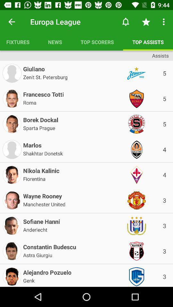 The image size is (173, 307). I want to click on the item next to top assists, so click(97, 42).